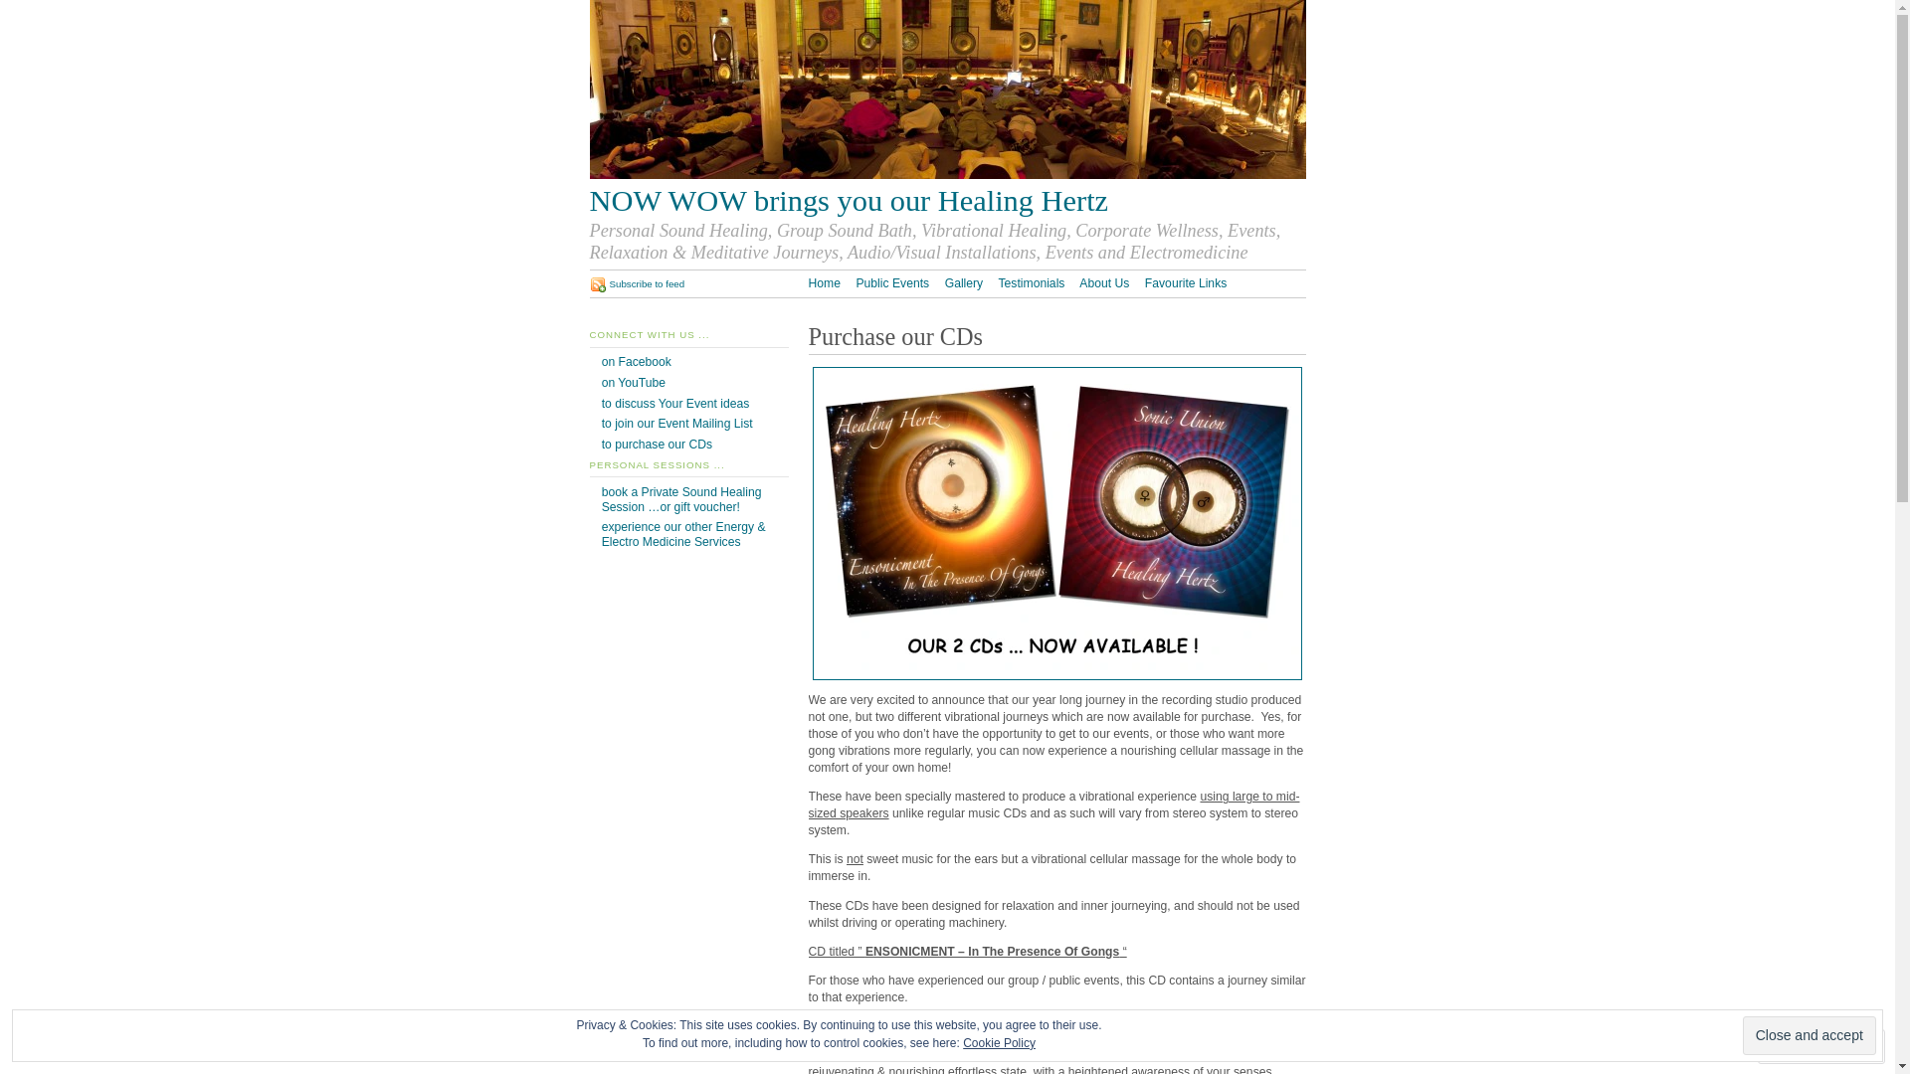 This screenshot has width=1910, height=1074. I want to click on 'Favourite Links', so click(1185, 283).